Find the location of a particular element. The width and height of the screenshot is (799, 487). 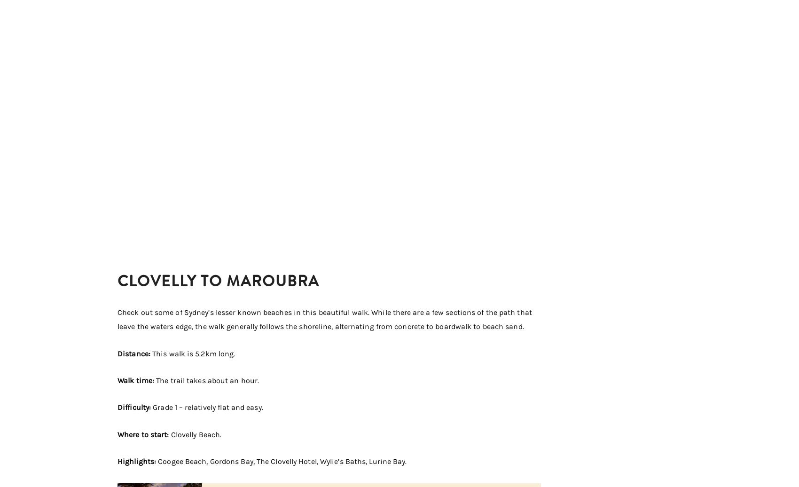

'Clovelly to Maroubra' is located at coordinates (218, 281).